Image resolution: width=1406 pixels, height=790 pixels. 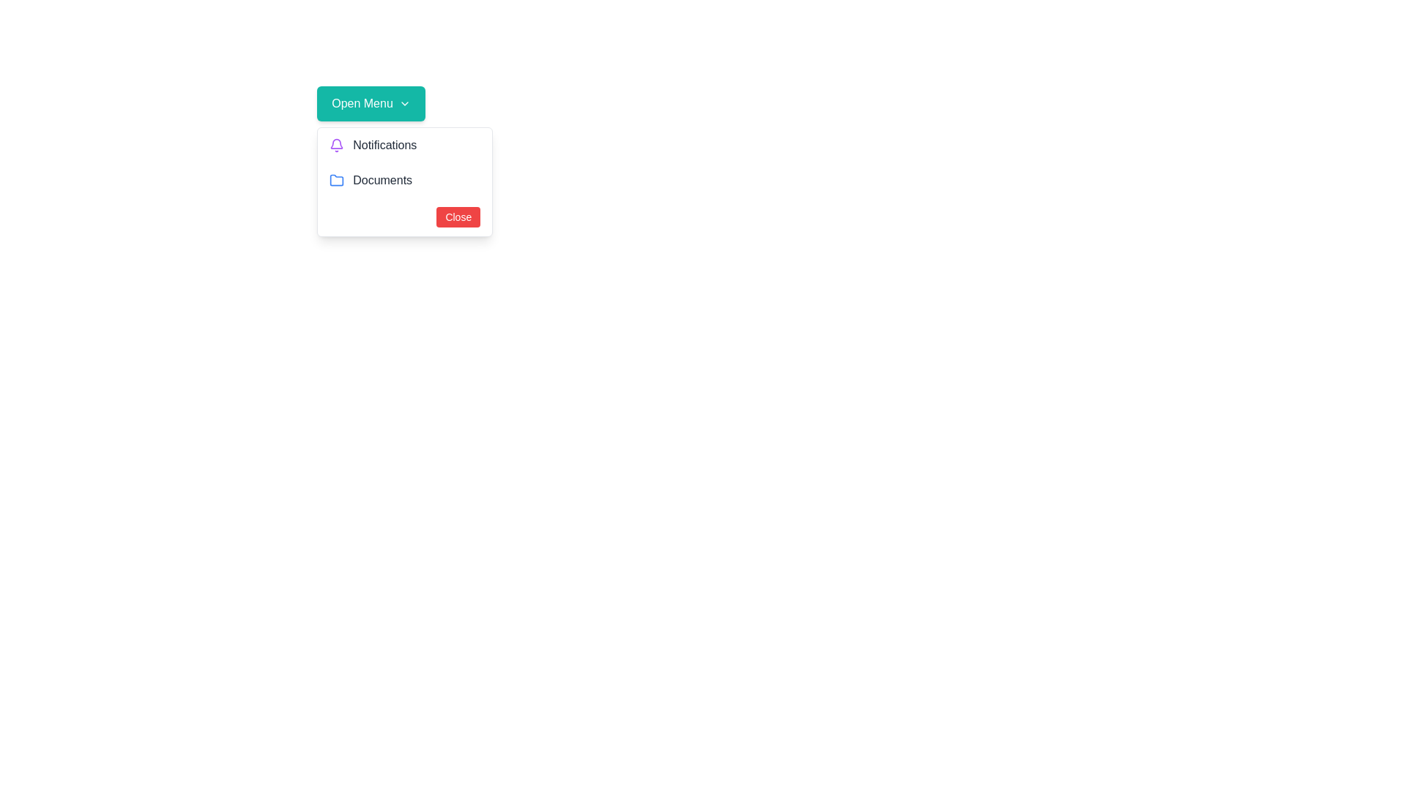 What do you see at coordinates (404, 103) in the screenshot?
I see `the dropdown indicator SVG icon located to the right side of the 'Open Menu' button` at bounding box center [404, 103].